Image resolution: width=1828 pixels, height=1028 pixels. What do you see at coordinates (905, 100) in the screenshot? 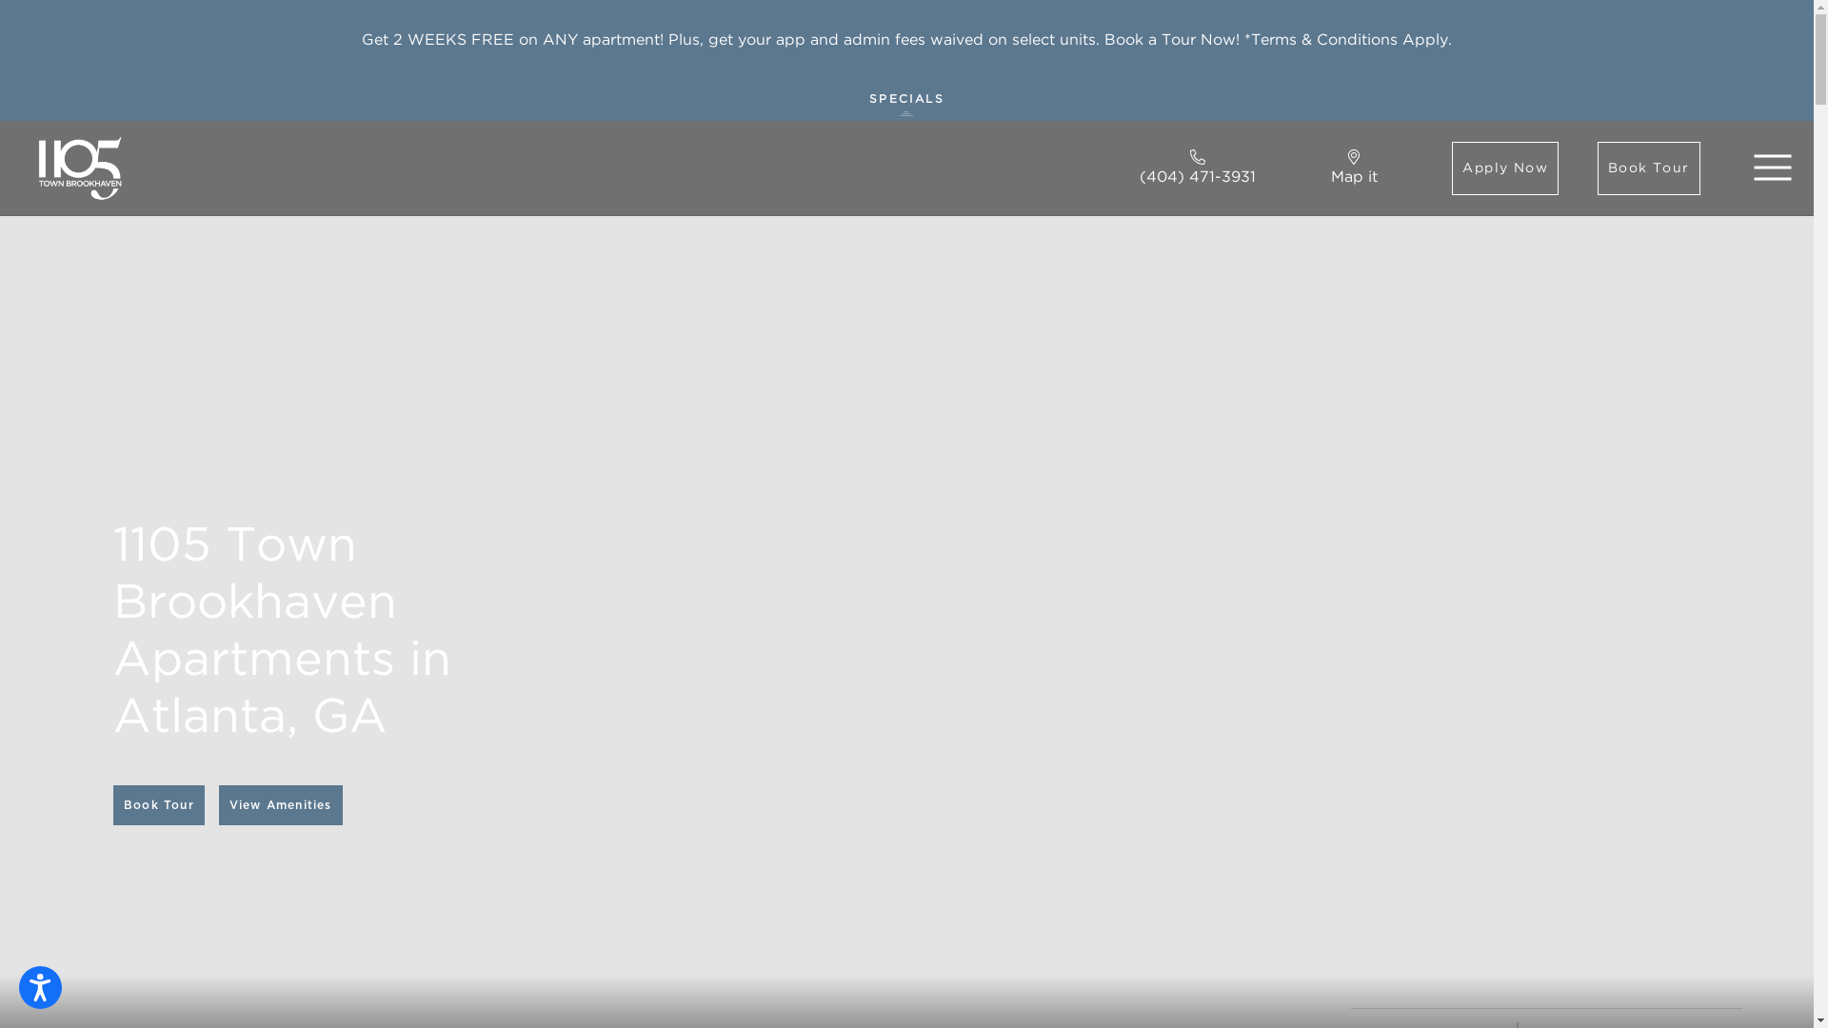
I see `'SPECIALS'` at bounding box center [905, 100].